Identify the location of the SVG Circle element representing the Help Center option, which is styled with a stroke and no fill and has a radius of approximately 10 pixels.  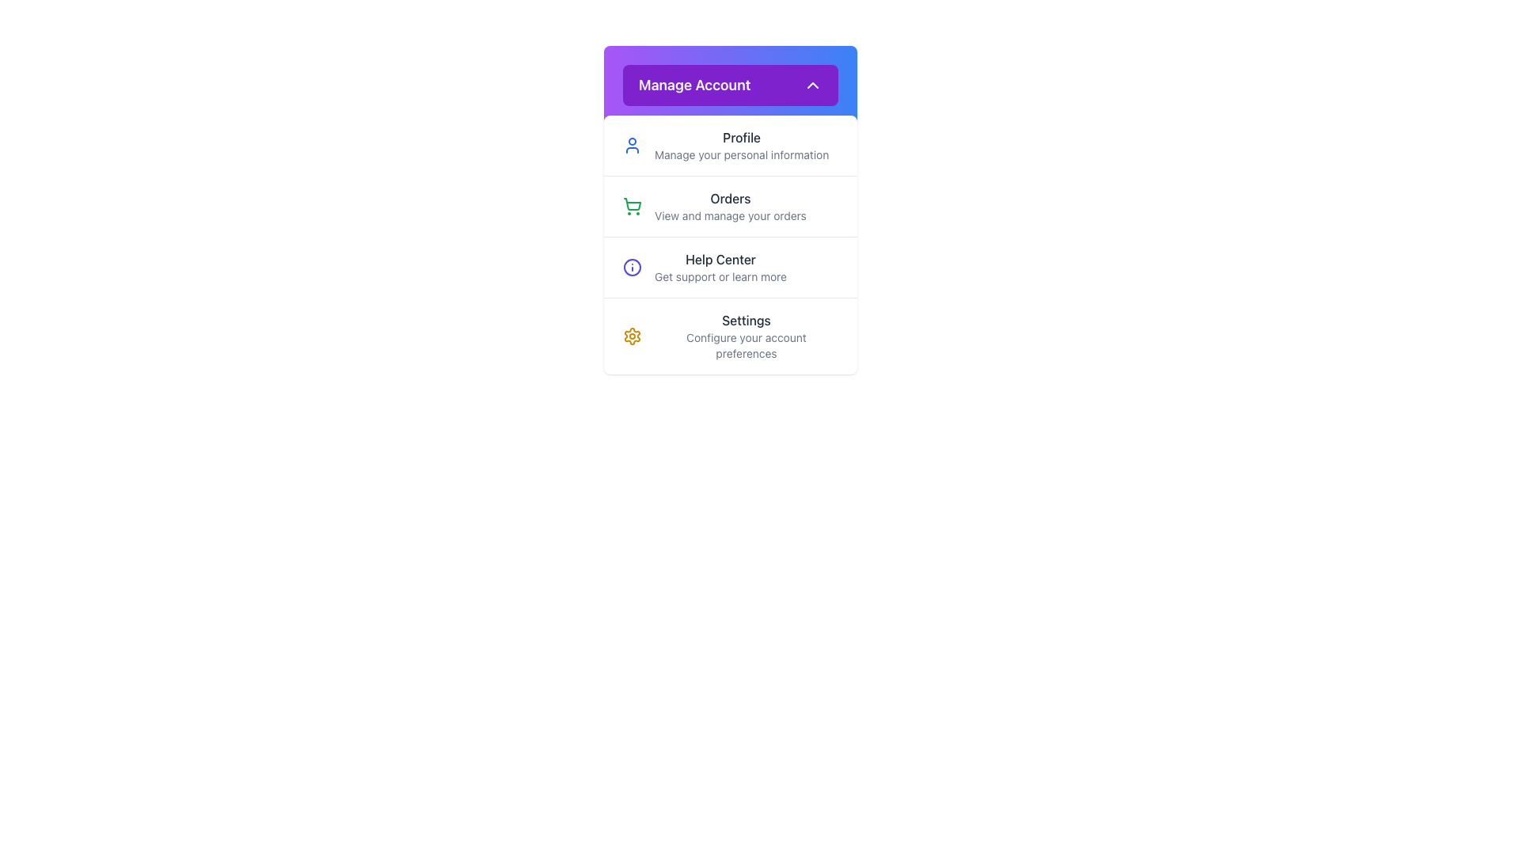
(631, 267).